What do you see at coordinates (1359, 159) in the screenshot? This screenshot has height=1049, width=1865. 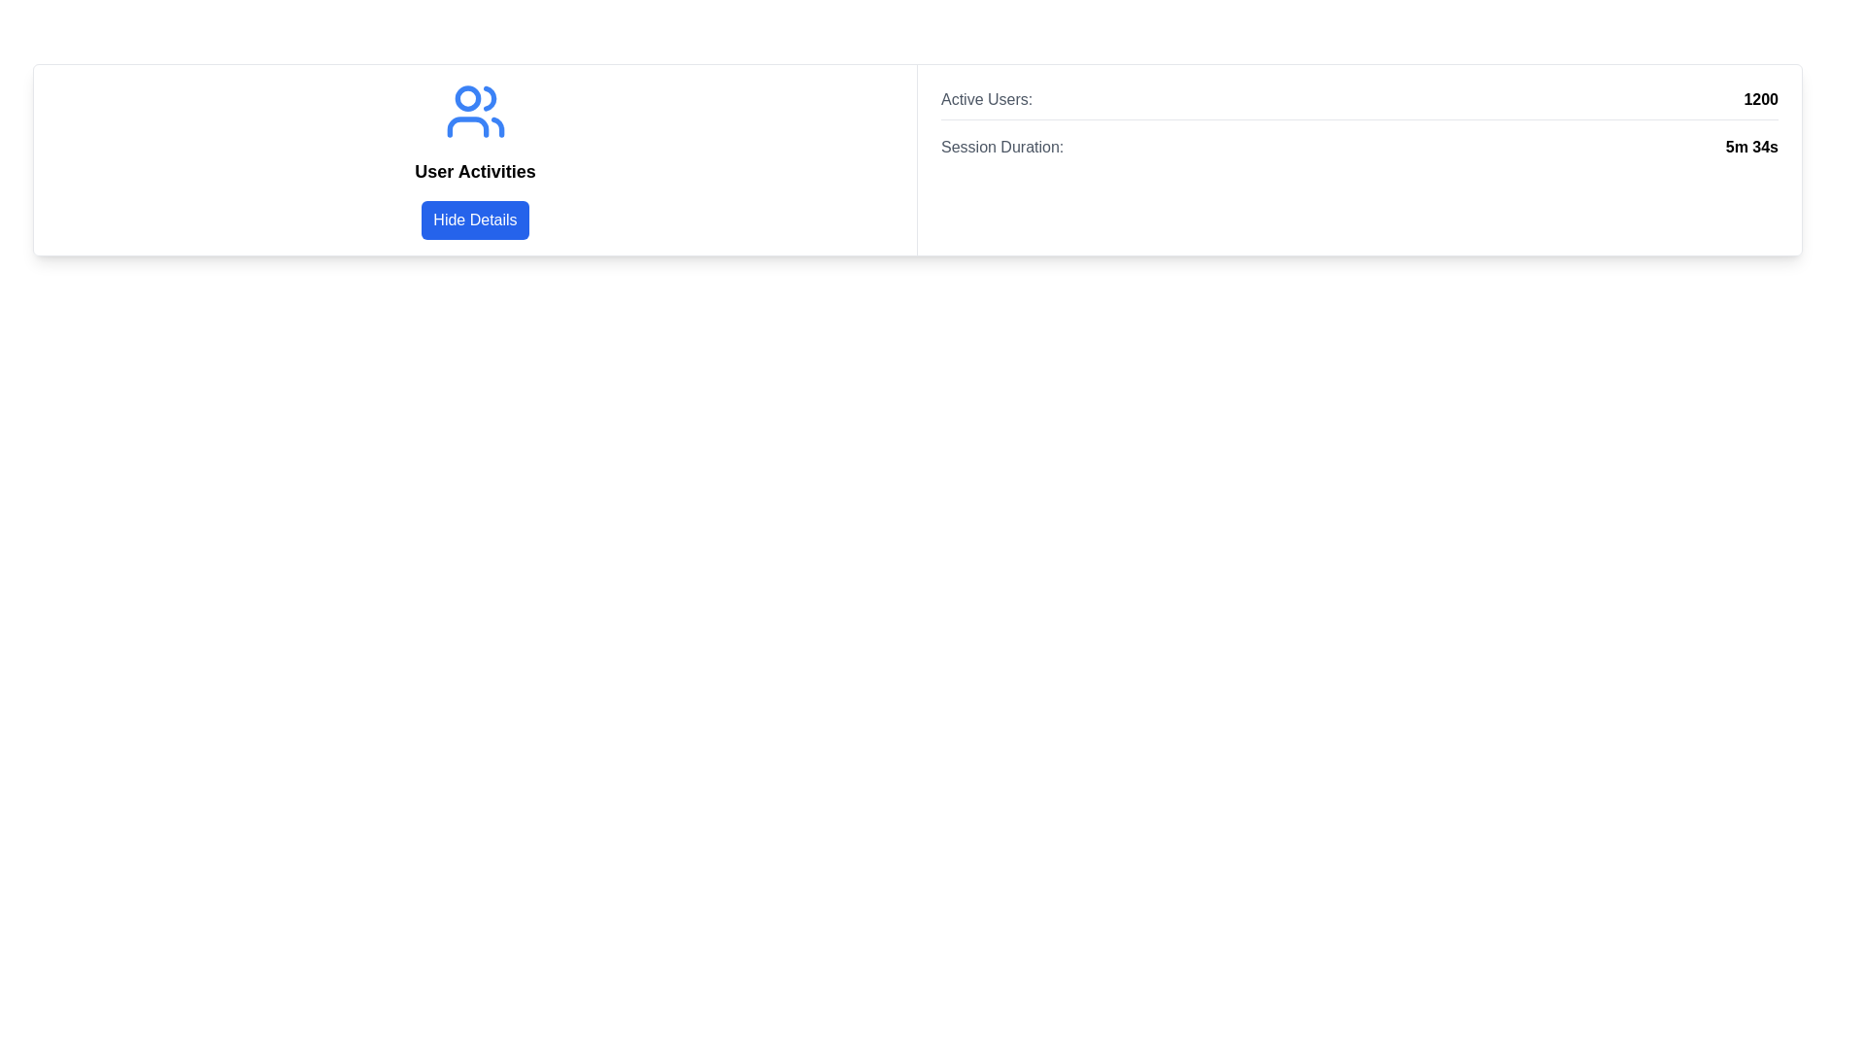 I see `the Information Display Panel, which shows user activity data and is located in the right section of the layout` at bounding box center [1359, 159].